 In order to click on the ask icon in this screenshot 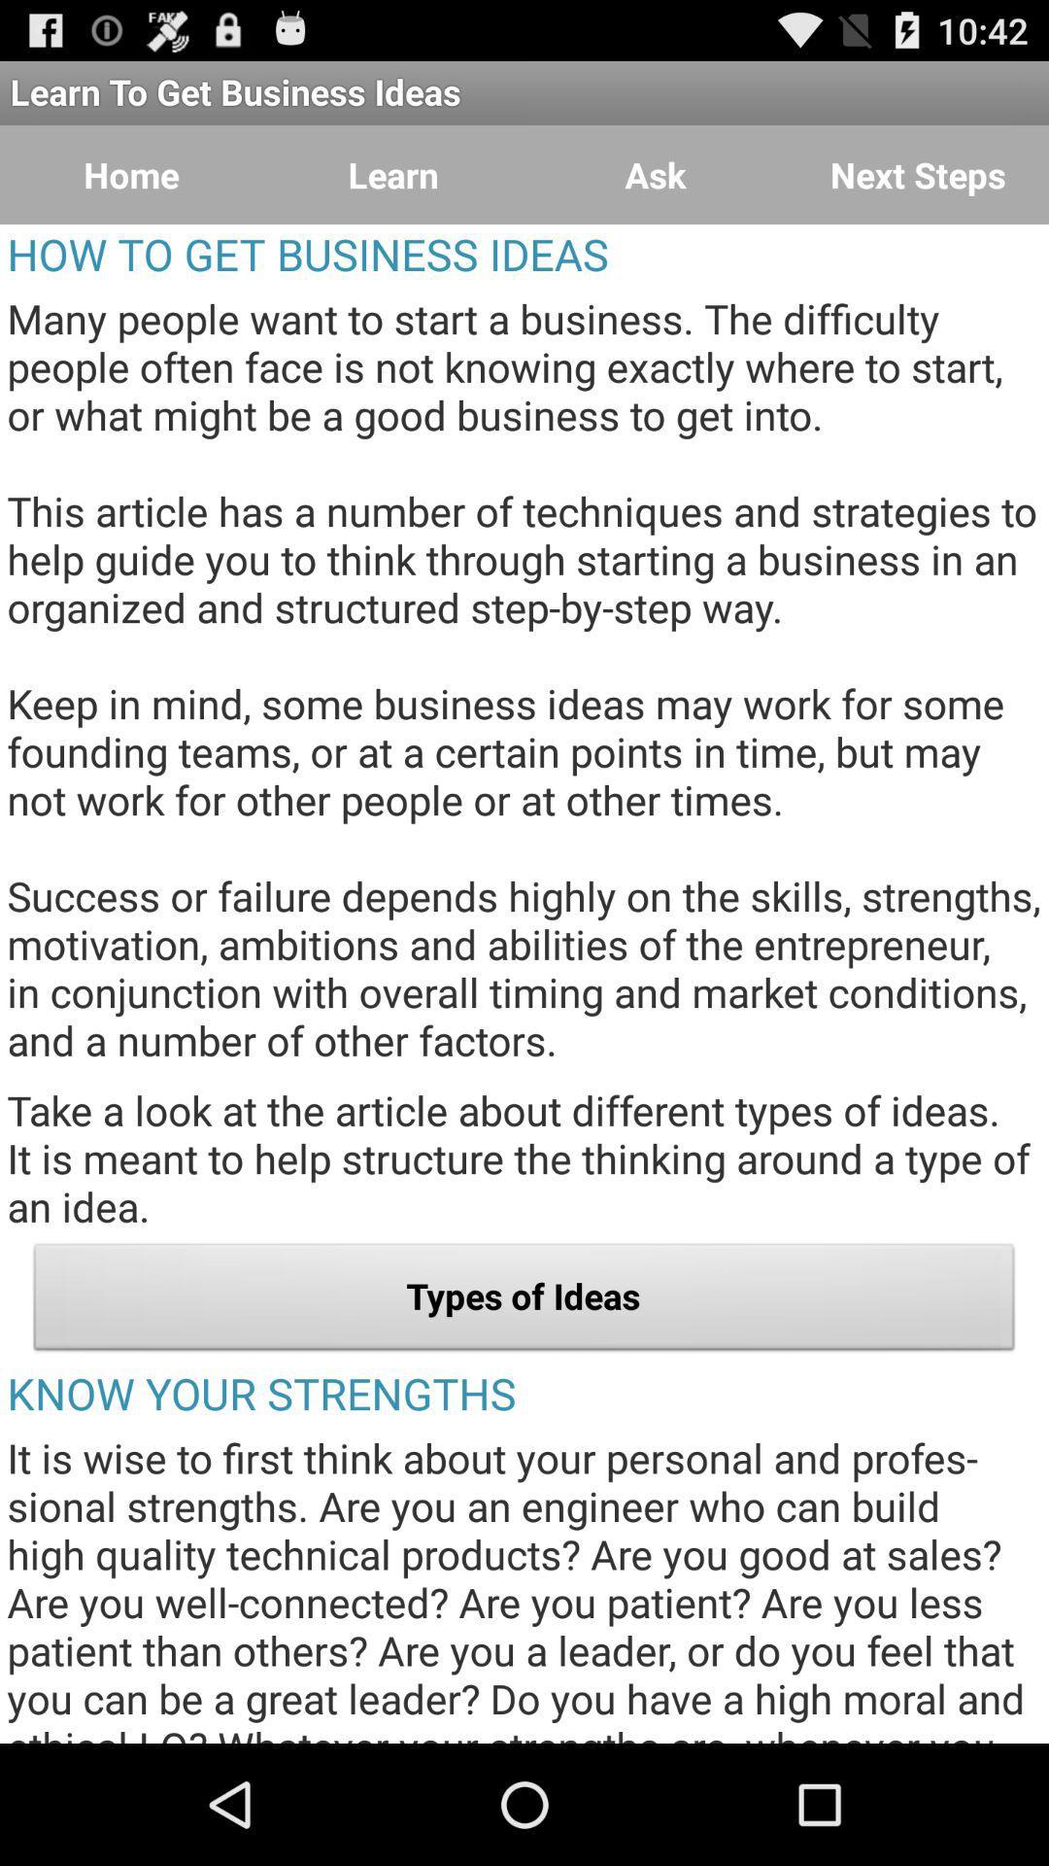, I will do `click(656, 175)`.